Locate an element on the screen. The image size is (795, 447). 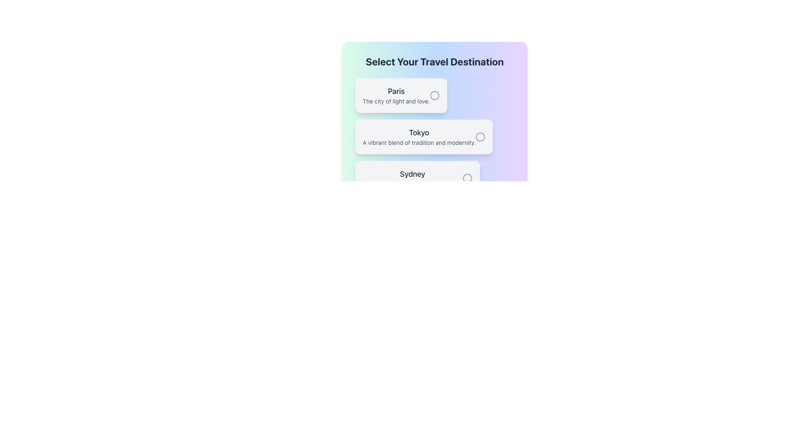
the second selectable list item for travel destination selection, which is located below the 'Paris' option and above the 'Sydney' option is located at coordinates (434, 137).